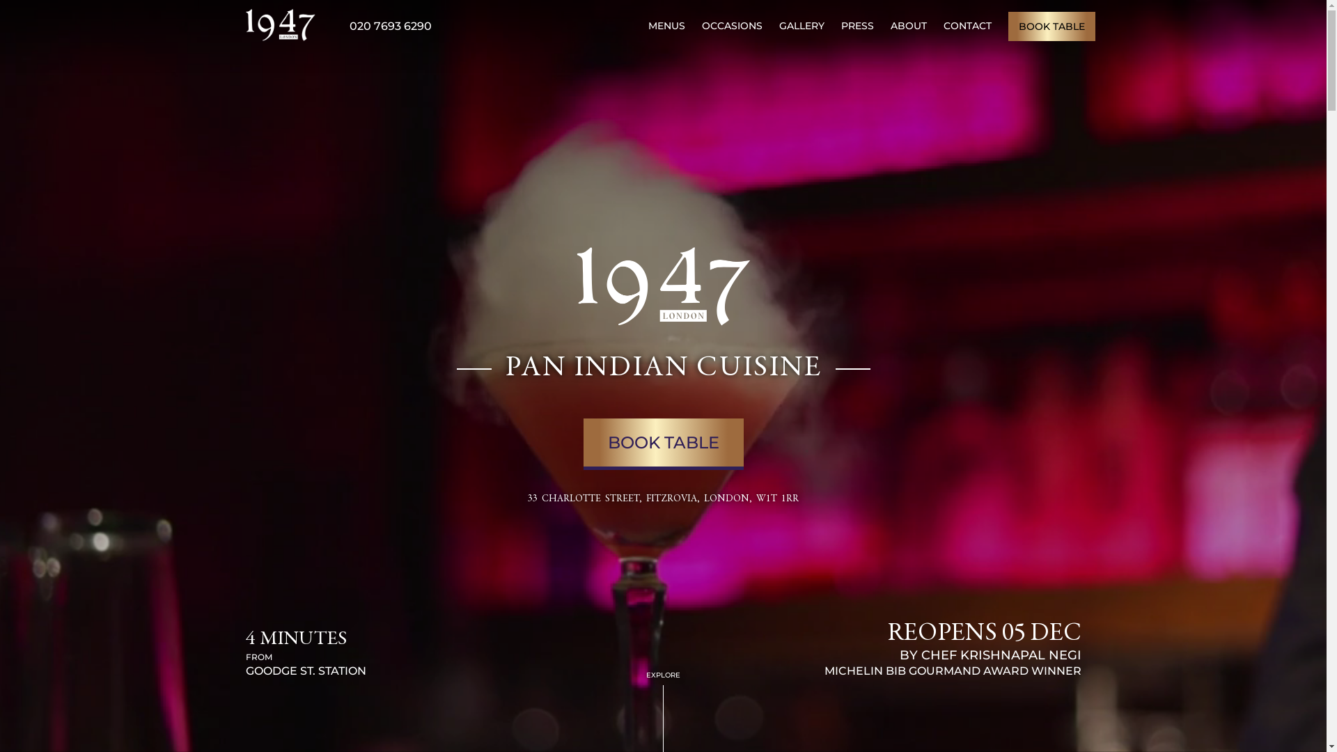 Image resolution: width=1337 pixels, height=752 pixels. Describe the element at coordinates (665, 26) in the screenshot. I see `'MENUS'` at that location.